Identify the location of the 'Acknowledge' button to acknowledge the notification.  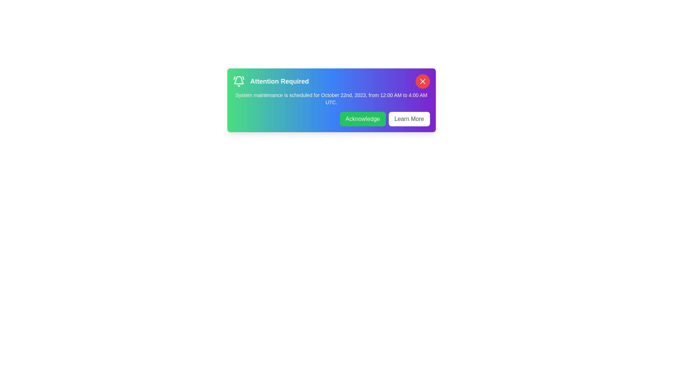
(363, 118).